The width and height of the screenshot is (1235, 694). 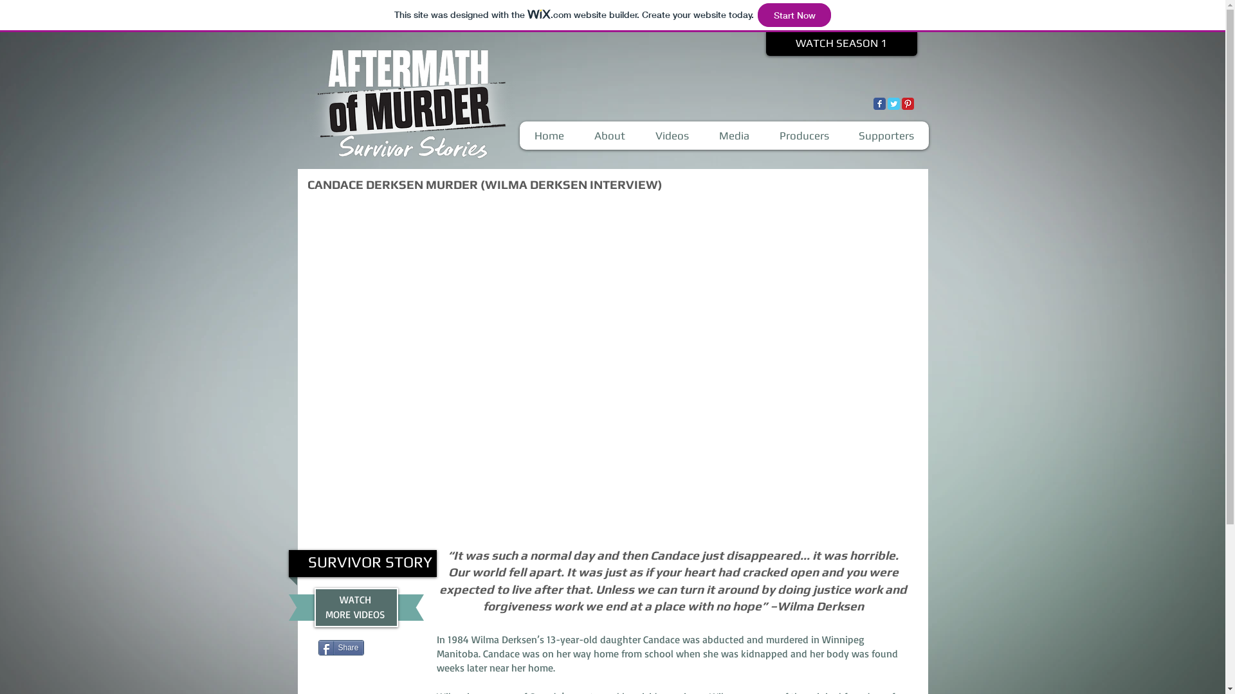 What do you see at coordinates (549, 136) in the screenshot?
I see `'Home'` at bounding box center [549, 136].